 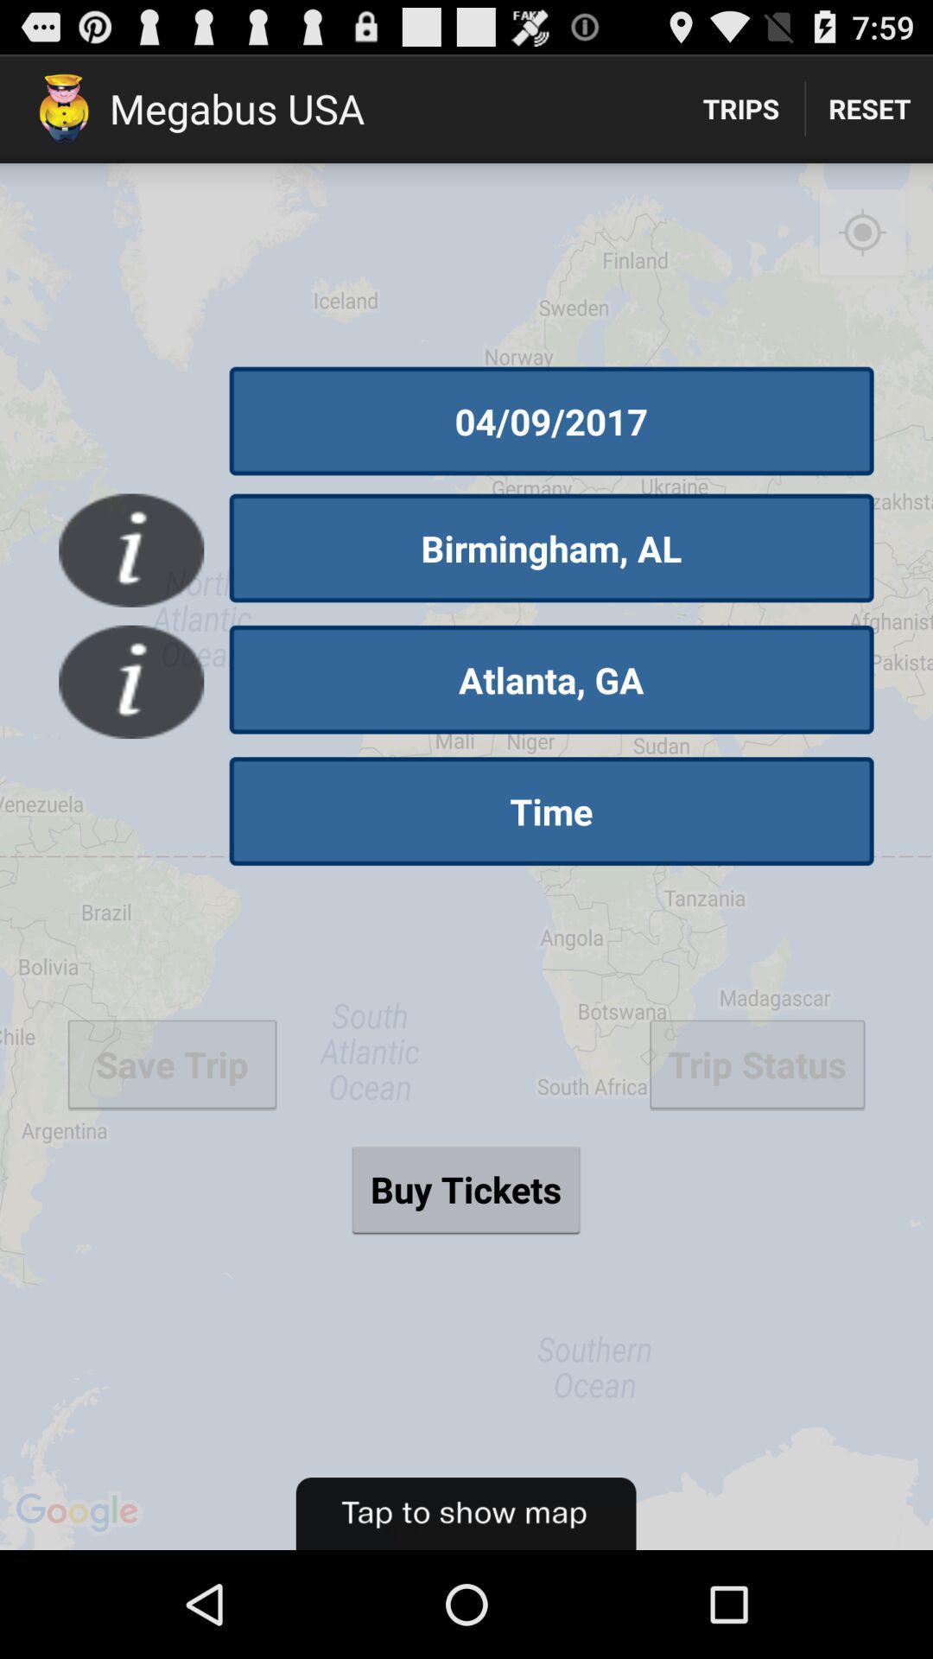 I want to click on the item below the trips icon, so click(x=466, y=856).